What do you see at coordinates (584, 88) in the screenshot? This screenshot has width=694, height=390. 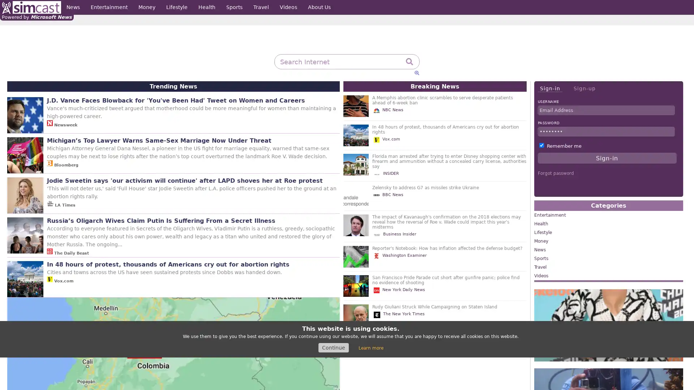 I see `Sign-up` at bounding box center [584, 88].